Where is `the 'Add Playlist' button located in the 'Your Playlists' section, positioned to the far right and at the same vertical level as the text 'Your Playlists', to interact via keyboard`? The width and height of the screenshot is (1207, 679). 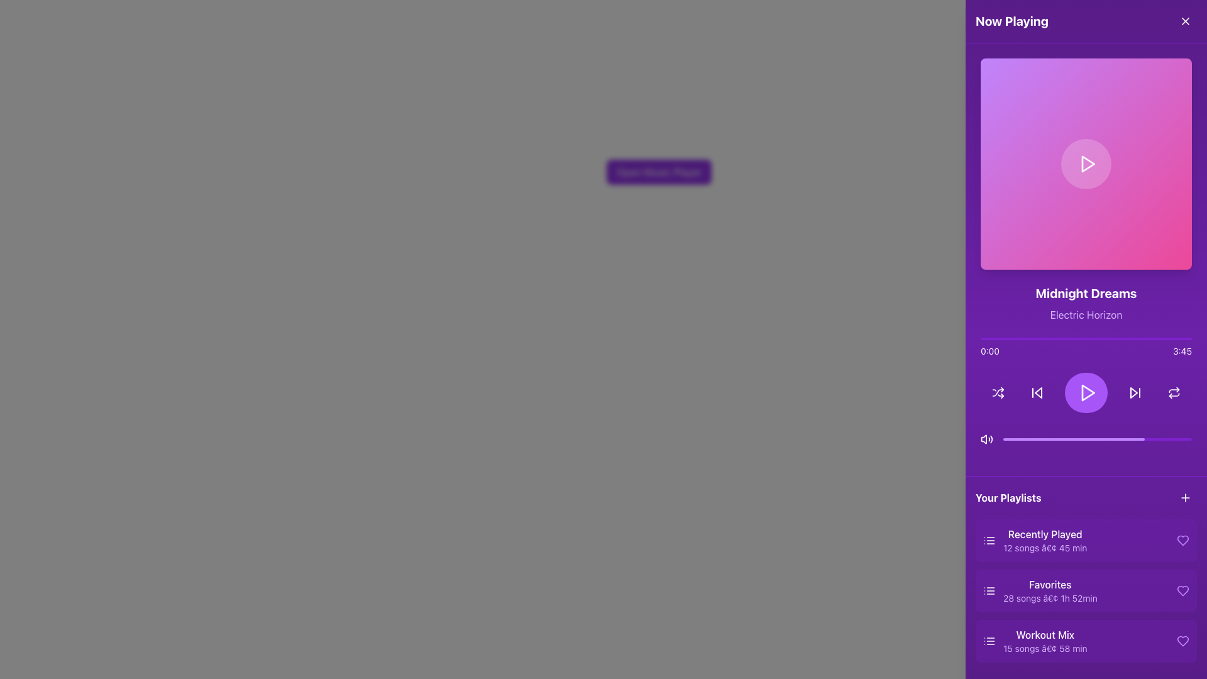 the 'Add Playlist' button located in the 'Your Playlists' section, positioned to the far right and at the same vertical level as the text 'Your Playlists', to interact via keyboard is located at coordinates (1185, 497).